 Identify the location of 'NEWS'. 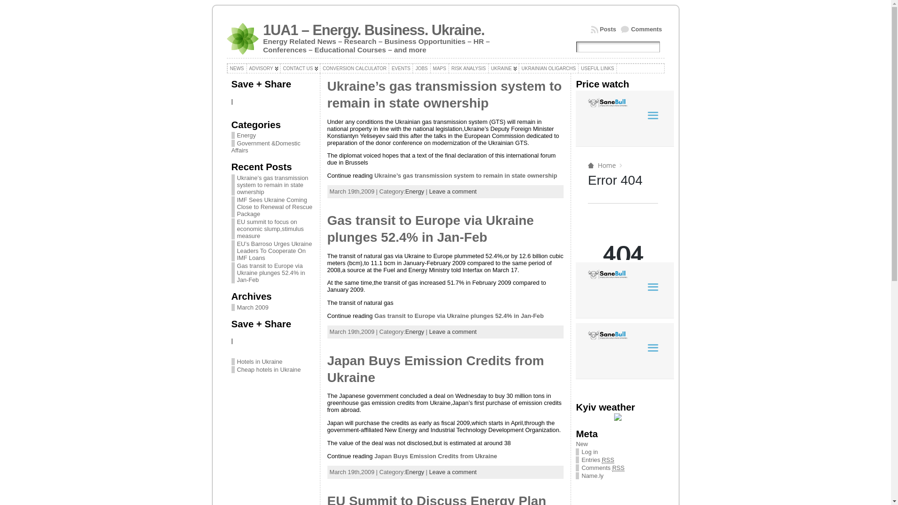
(237, 68).